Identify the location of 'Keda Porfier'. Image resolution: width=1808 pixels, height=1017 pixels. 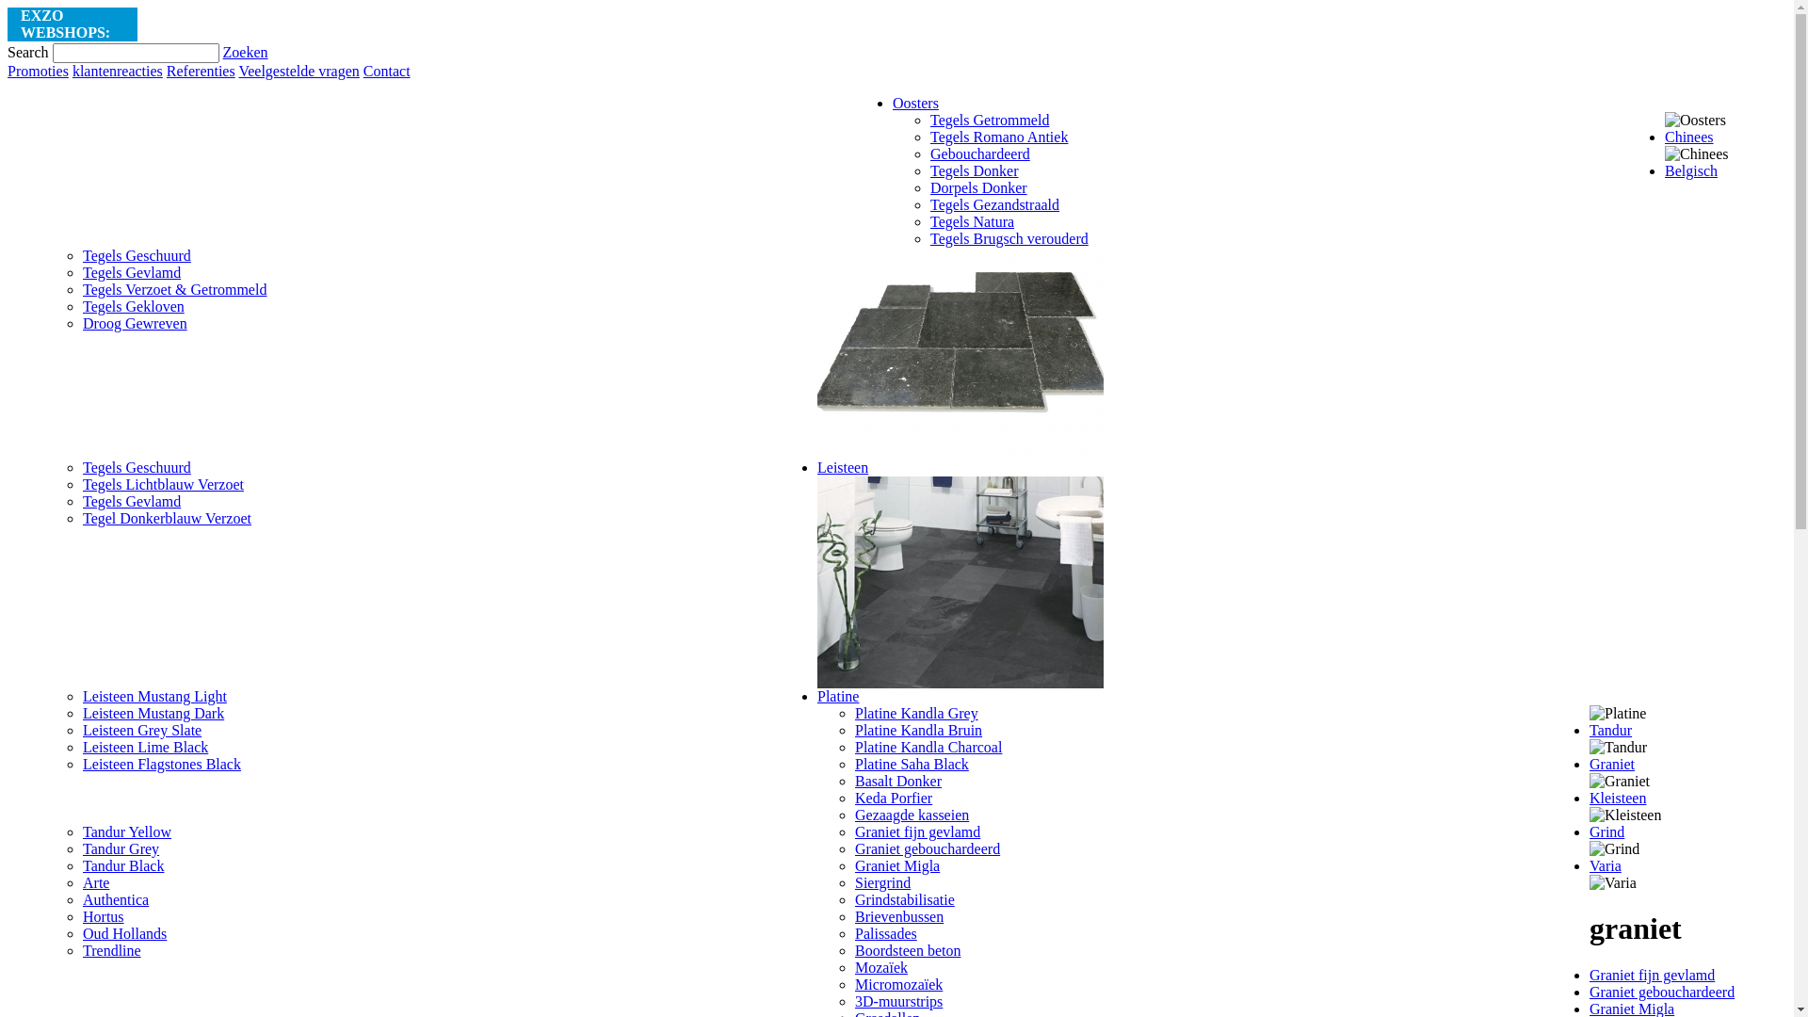
(853, 798).